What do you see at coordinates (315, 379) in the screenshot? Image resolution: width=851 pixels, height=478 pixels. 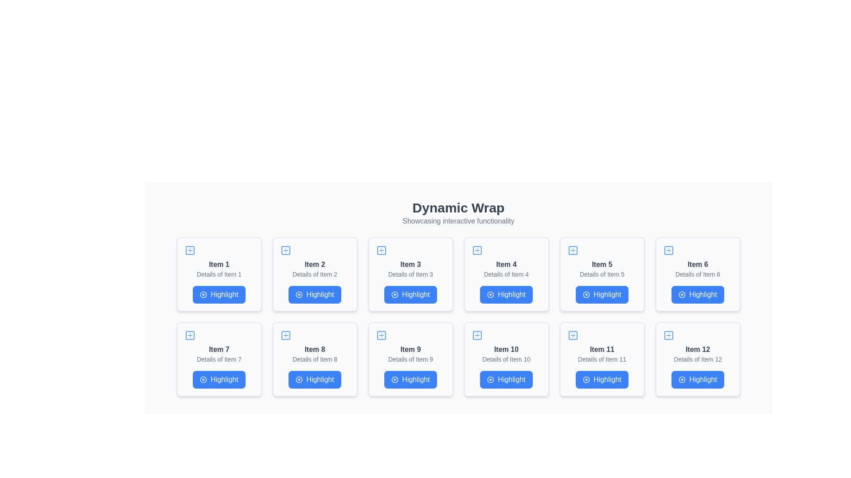 I see `the 'Highlight' button with a blue background and white text, which is located in the panel for 'Item 8' and features a circular plus icon` at bounding box center [315, 379].